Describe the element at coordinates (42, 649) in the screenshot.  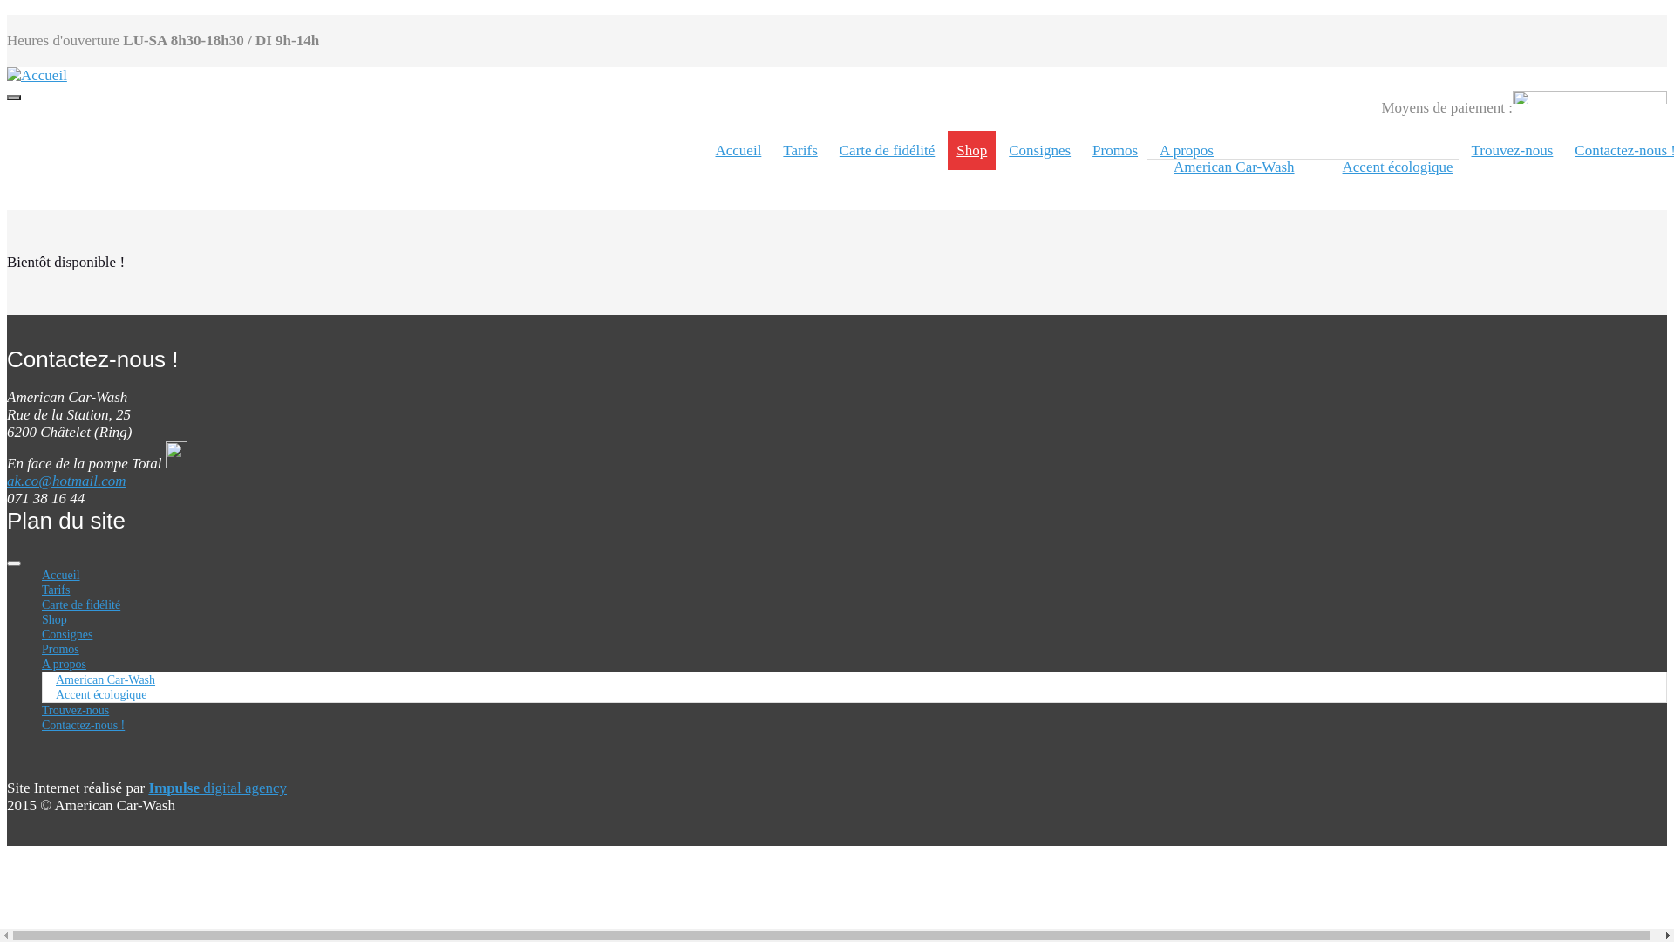
I see `'Promos'` at that location.